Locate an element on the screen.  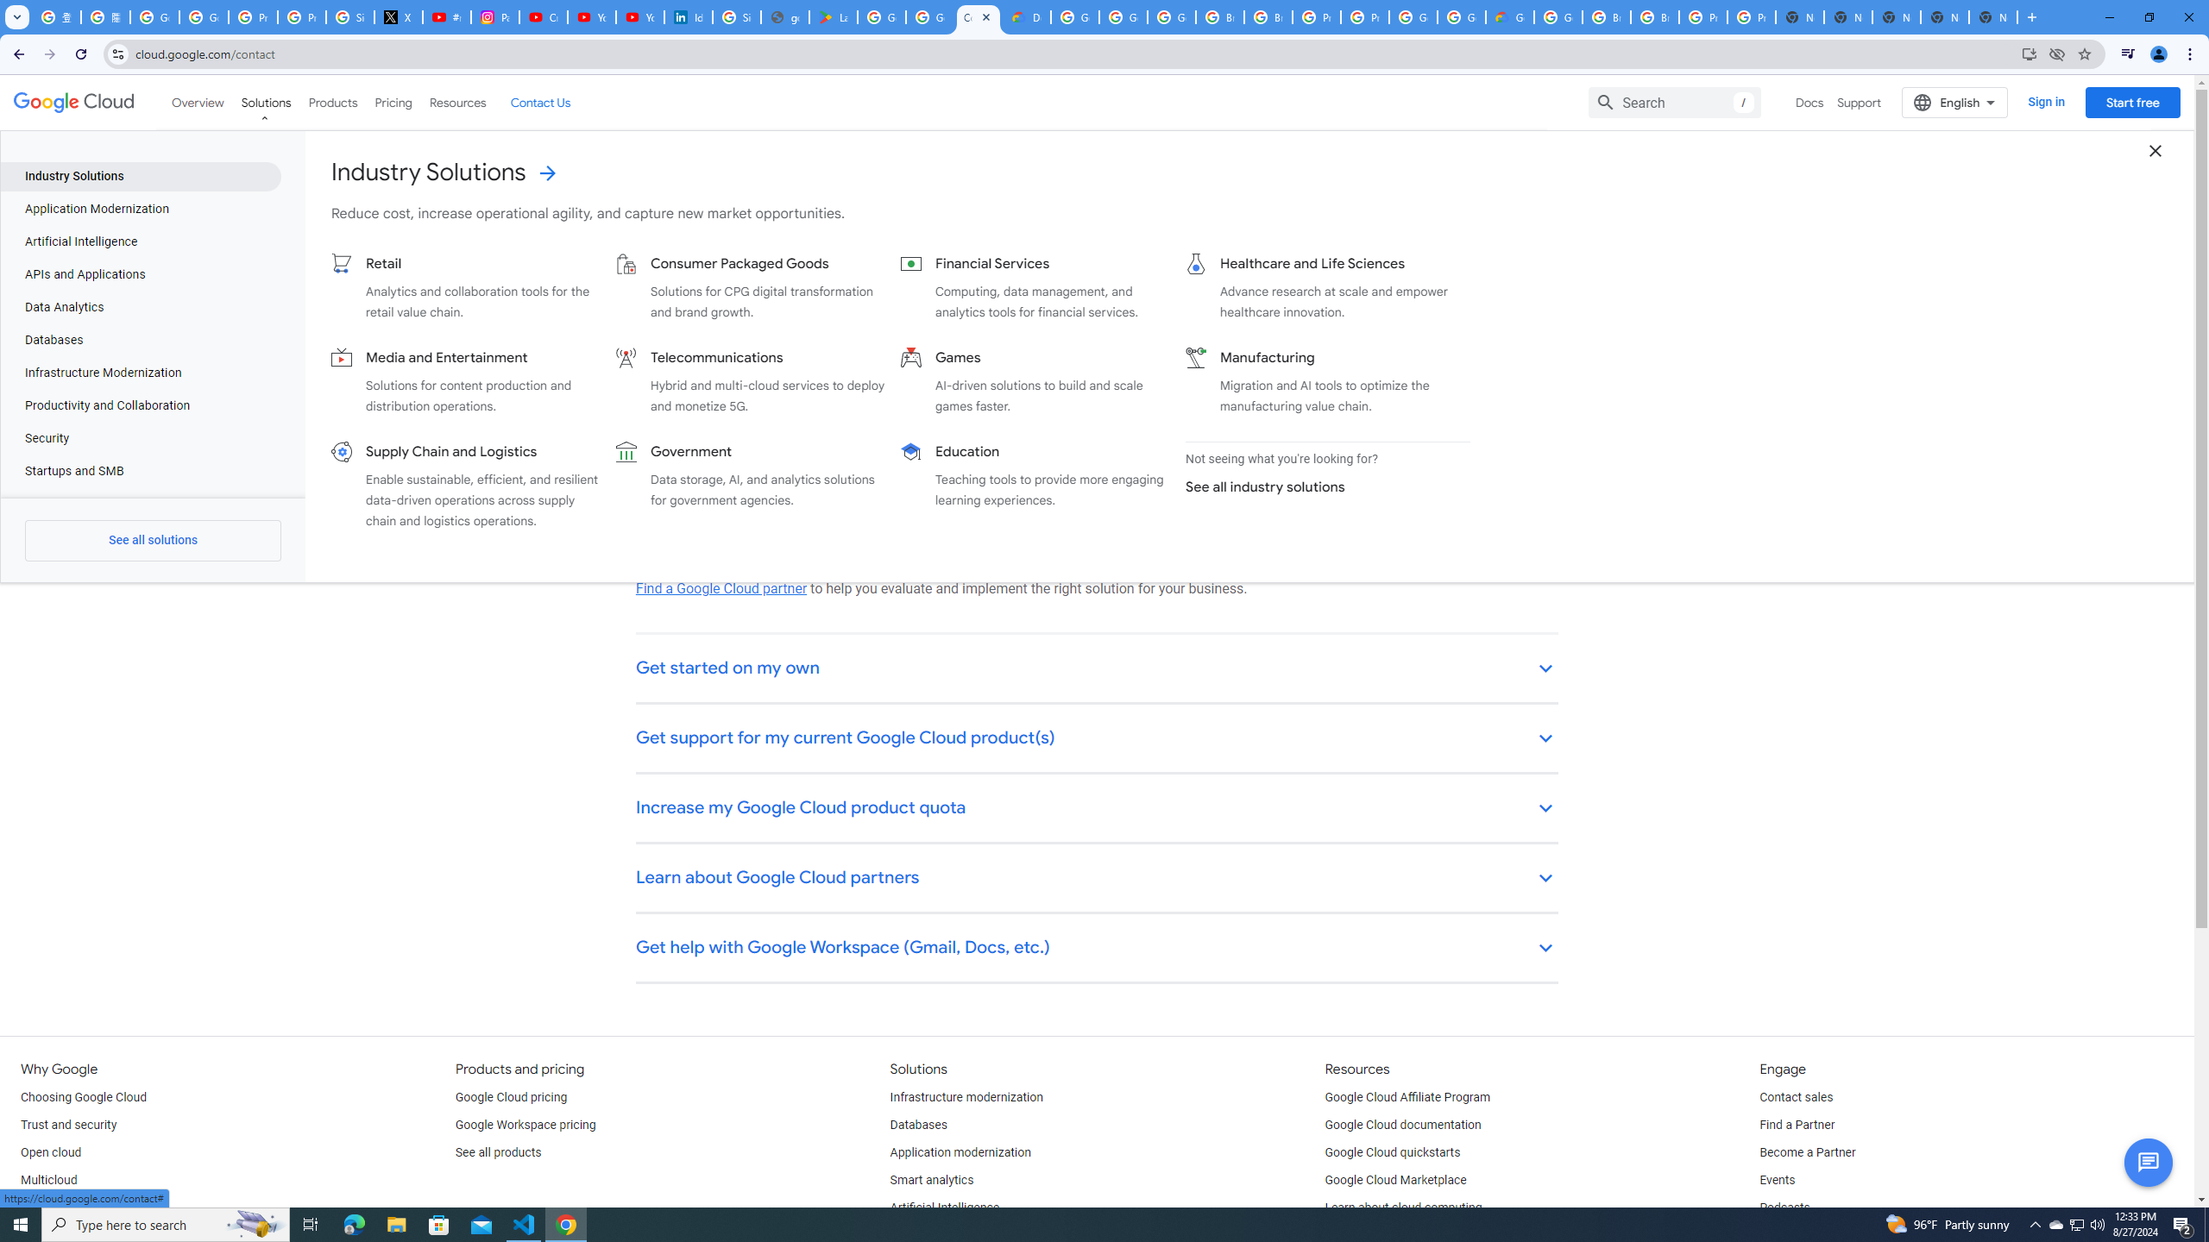
'Events' is located at coordinates (1776, 1180).